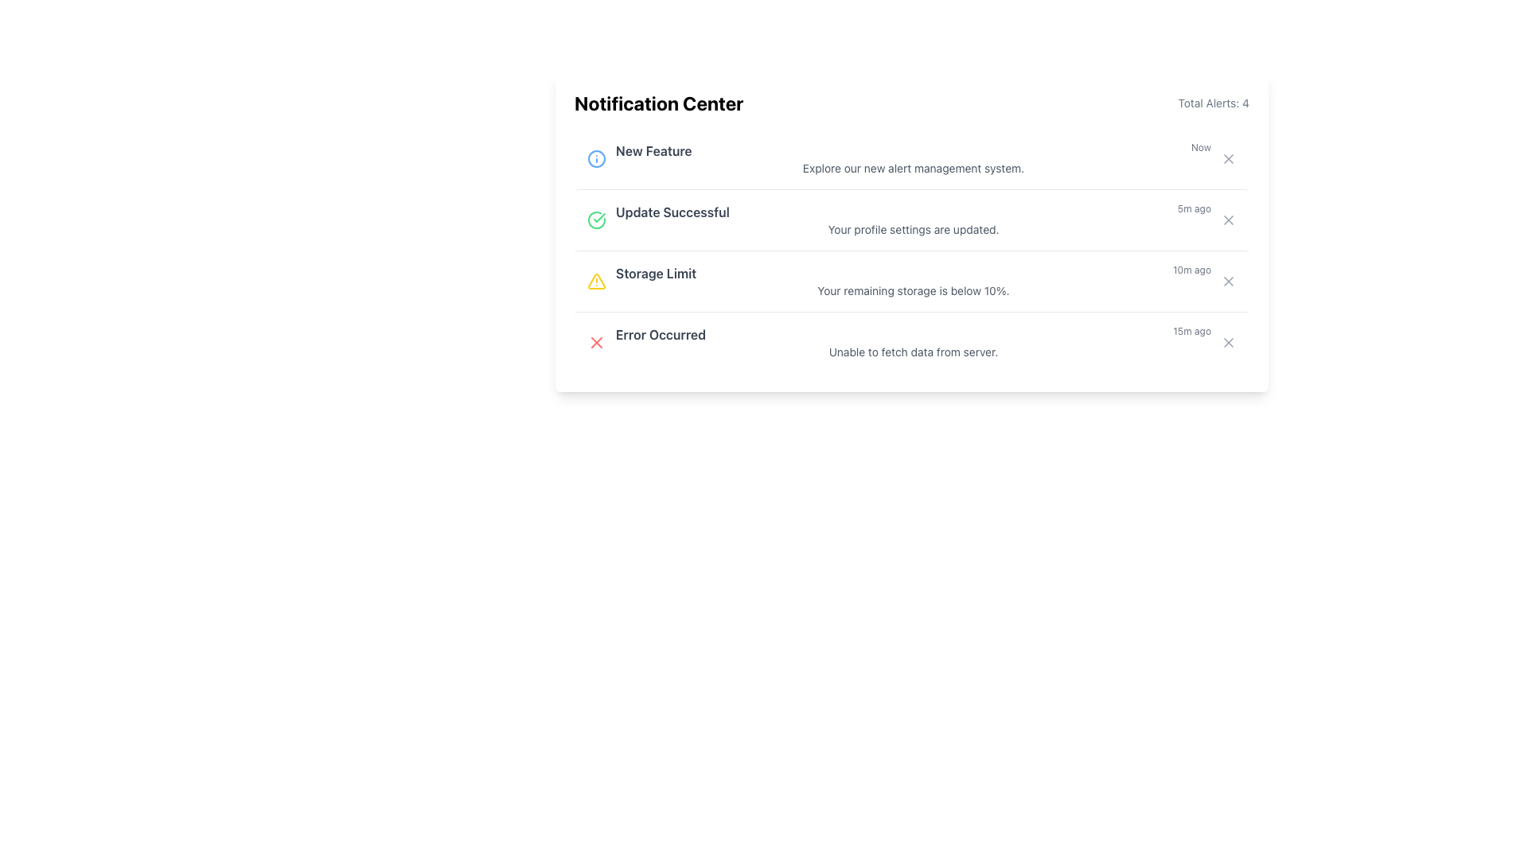 The height and width of the screenshot is (859, 1528). What do you see at coordinates (598, 217) in the screenshot?
I see `the checkmark icon that indicates successful completion, located next to the 'Update Successful' notification` at bounding box center [598, 217].